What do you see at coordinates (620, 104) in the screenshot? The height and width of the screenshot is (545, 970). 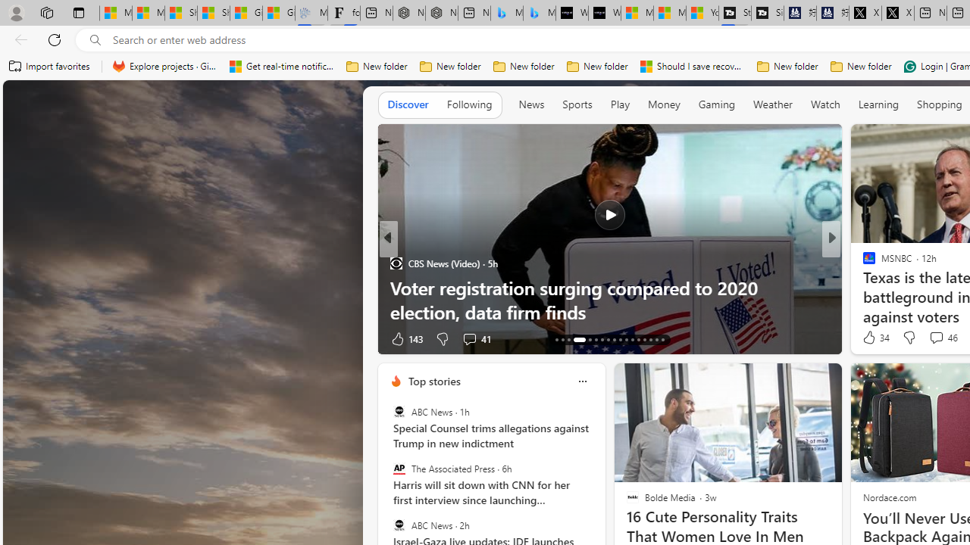 I see `'Play'` at bounding box center [620, 104].